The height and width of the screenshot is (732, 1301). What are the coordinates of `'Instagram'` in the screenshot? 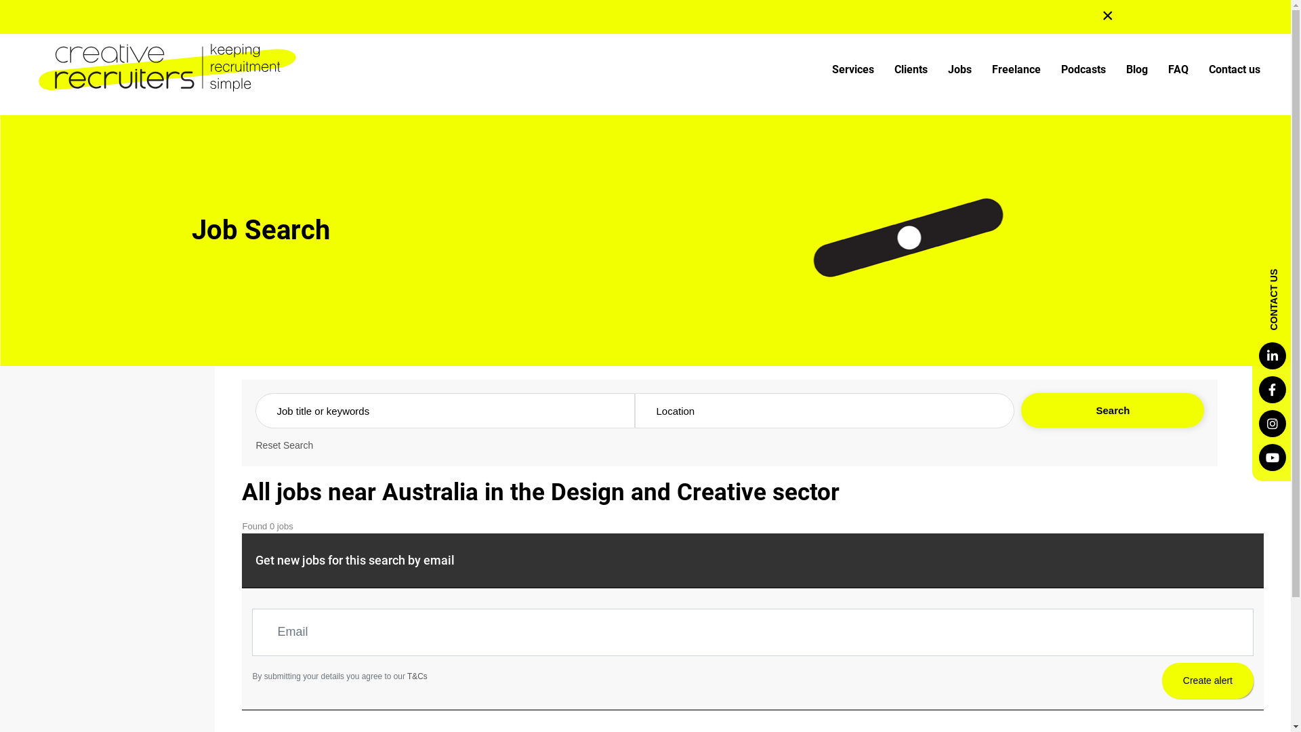 It's located at (1258, 422).